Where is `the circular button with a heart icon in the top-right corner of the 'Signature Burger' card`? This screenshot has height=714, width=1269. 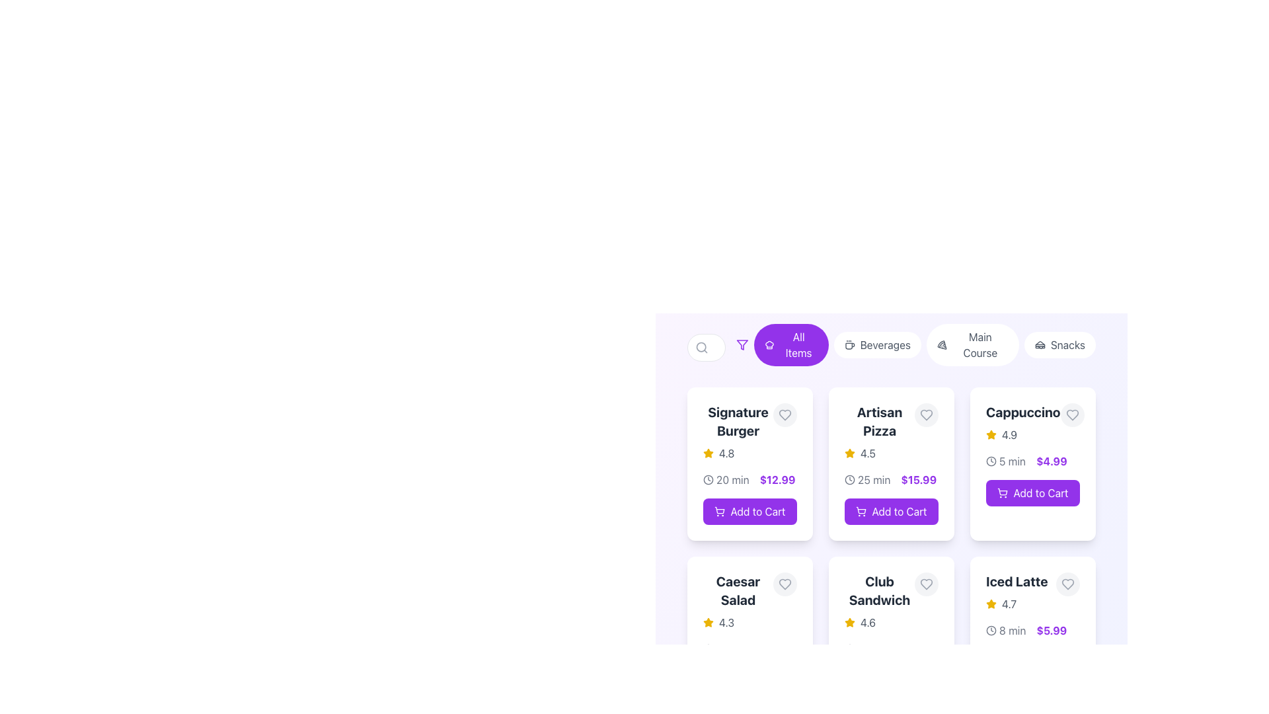 the circular button with a heart icon in the top-right corner of the 'Signature Burger' card is located at coordinates (785, 415).